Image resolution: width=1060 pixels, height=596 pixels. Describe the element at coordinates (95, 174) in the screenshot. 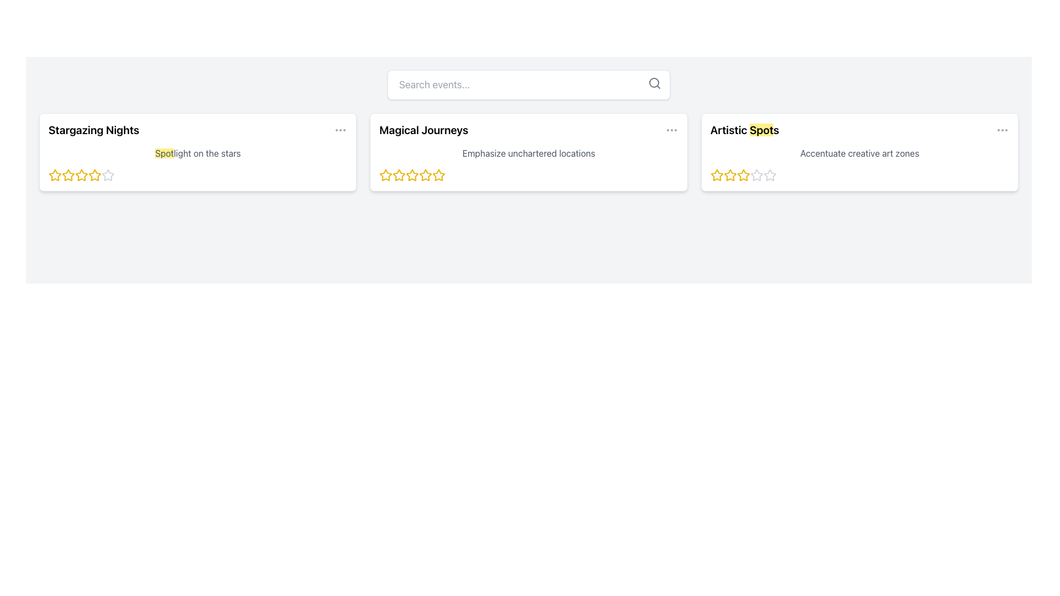

I see `the third star-shaped icon in the rating system, which is styled with a yellow outline and a white interior, located directly beneath the 'Stargazing Nights' title` at that location.